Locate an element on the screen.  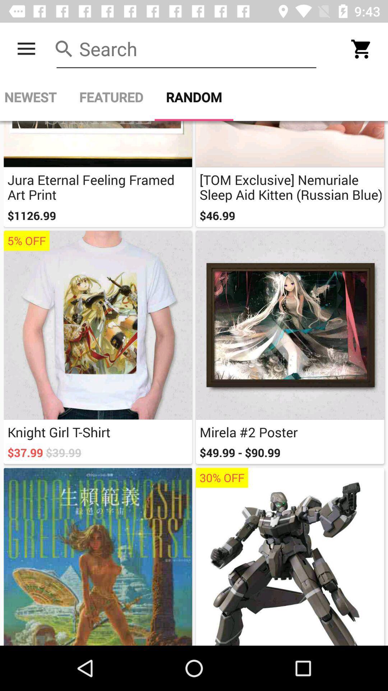
the second image in the second row is located at coordinates (290, 325).